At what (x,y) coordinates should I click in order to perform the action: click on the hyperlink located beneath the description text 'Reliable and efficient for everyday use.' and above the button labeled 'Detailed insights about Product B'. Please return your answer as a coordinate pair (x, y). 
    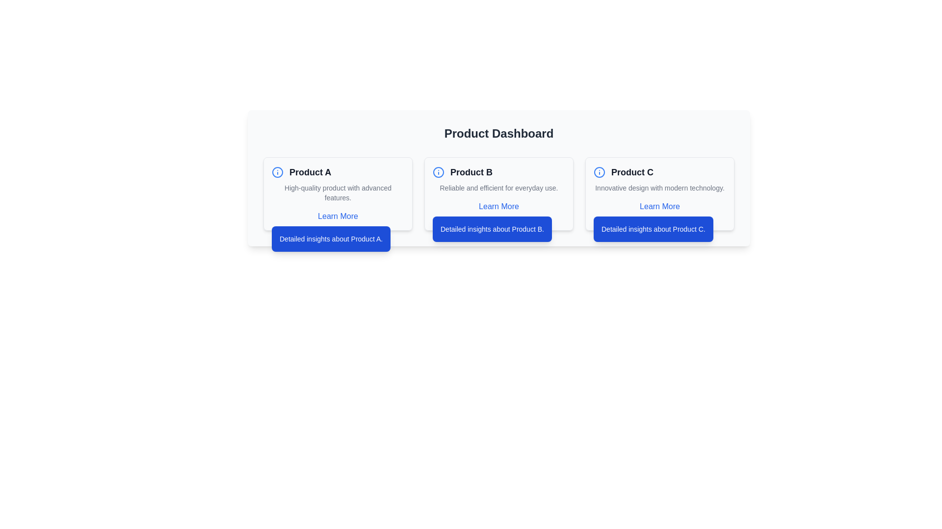
    Looking at the image, I should click on (499, 206).